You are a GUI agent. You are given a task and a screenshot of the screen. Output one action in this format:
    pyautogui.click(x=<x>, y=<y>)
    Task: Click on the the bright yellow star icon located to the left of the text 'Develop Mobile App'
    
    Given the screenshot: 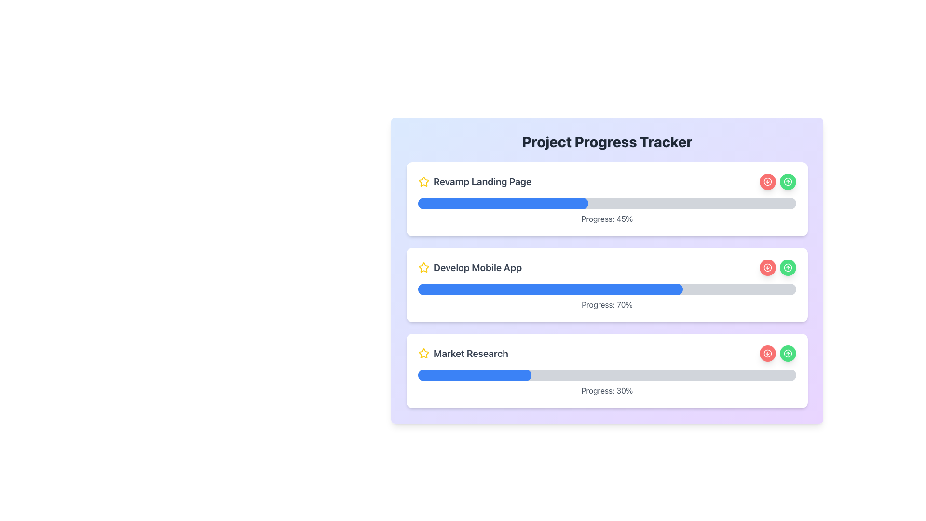 What is the action you would take?
    pyautogui.click(x=423, y=268)
    